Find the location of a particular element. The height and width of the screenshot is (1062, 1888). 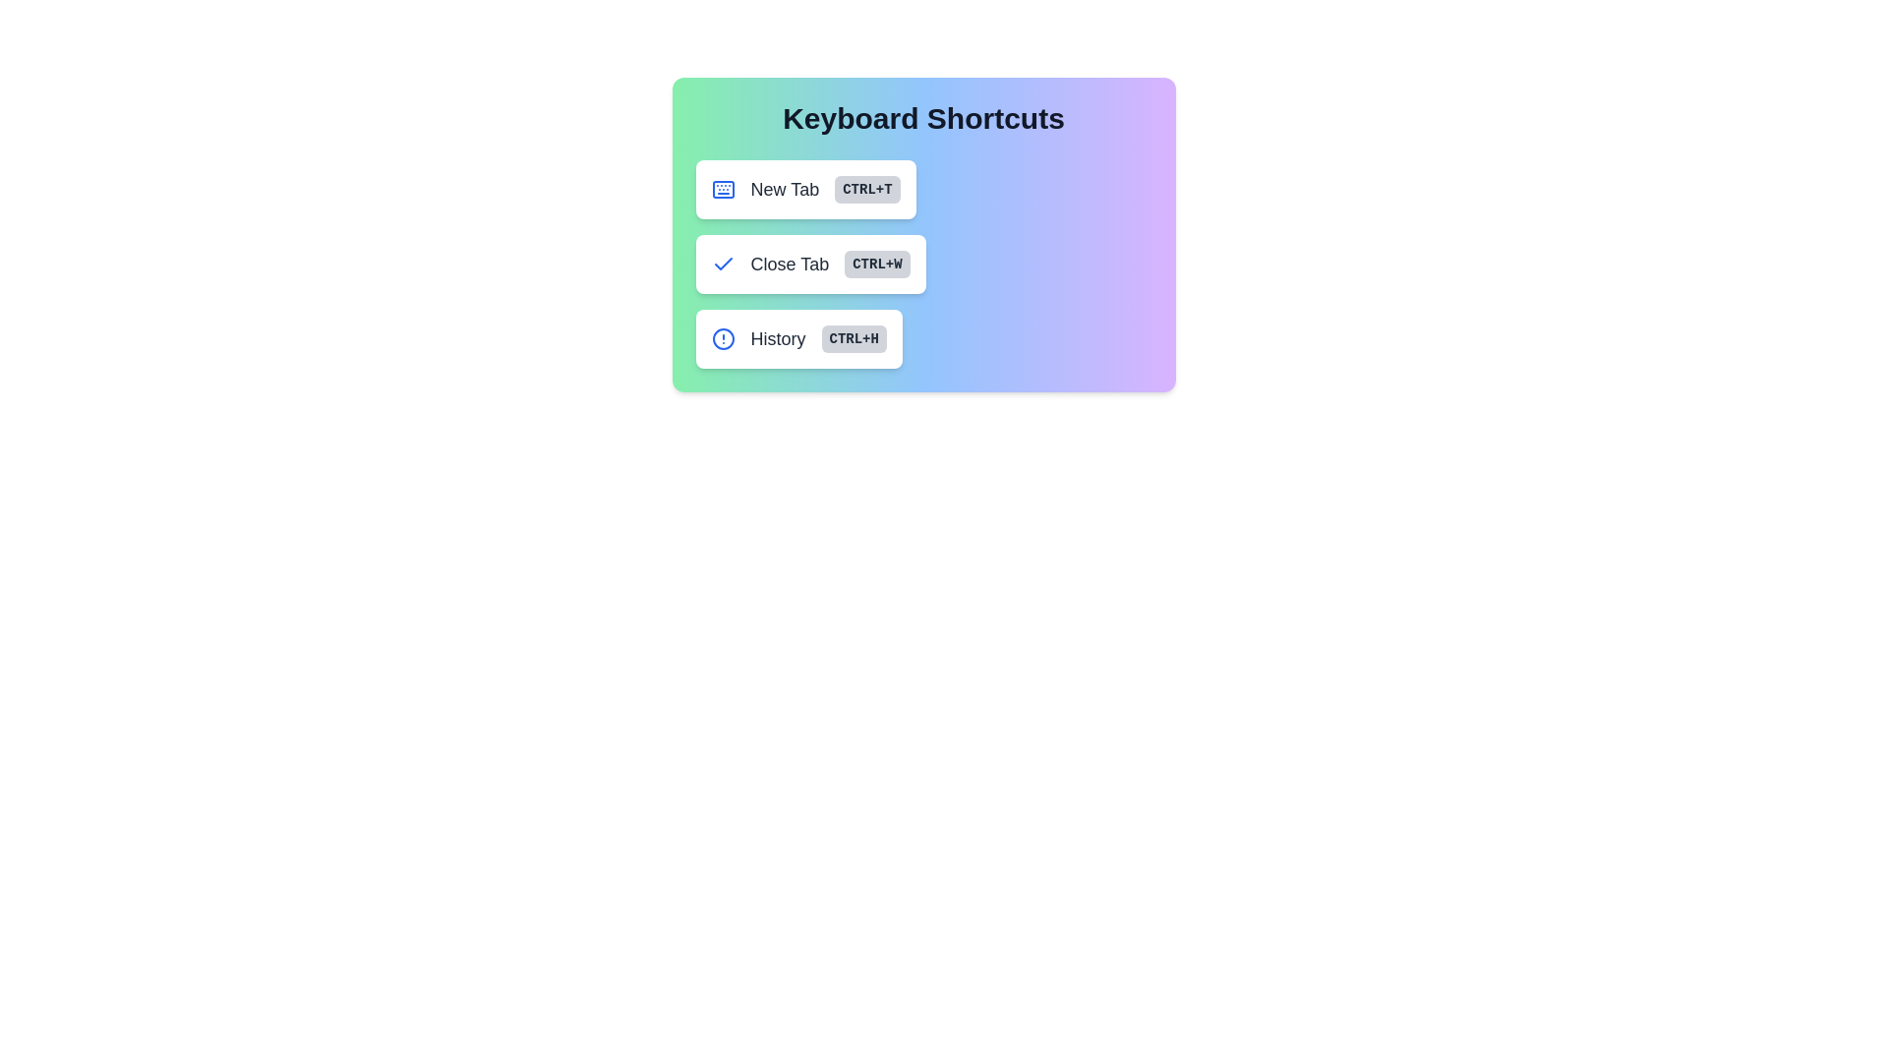

the 'Close Tab' icon located in the leftmost part of the 'Close Tab' row under the 'Keyboard Shortcuts' heading is located at coordinates (722, 264).